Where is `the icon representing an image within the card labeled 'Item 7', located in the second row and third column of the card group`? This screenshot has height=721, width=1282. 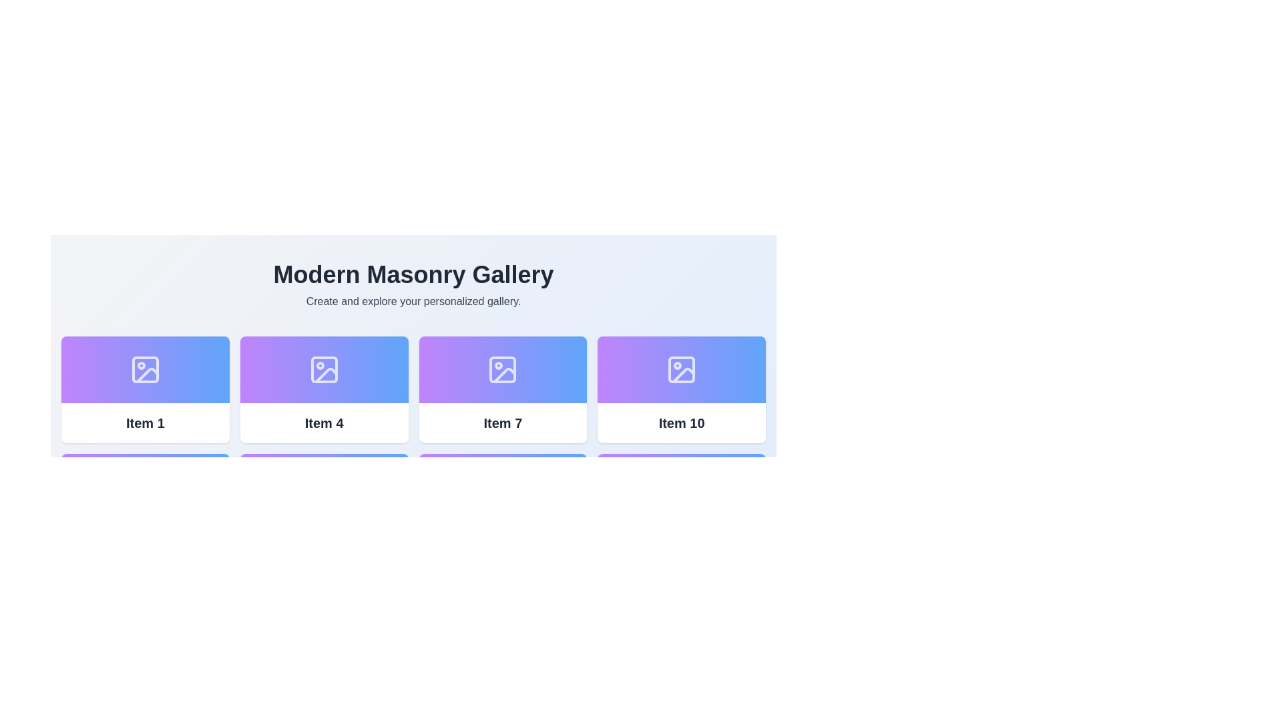 the icon representing an image within the card labeled 'Item 7', located in the second row and third column of the card group is located at coordinates (502, 370).